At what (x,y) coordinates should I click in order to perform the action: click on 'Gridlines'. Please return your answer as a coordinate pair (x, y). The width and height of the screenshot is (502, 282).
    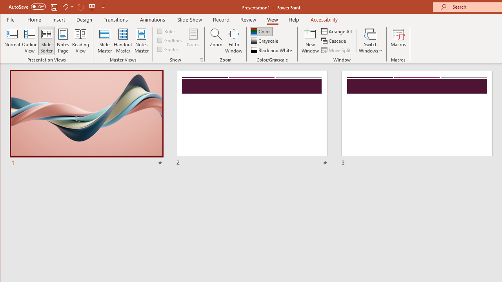
    Looking at the image, I should click on (170, 40).